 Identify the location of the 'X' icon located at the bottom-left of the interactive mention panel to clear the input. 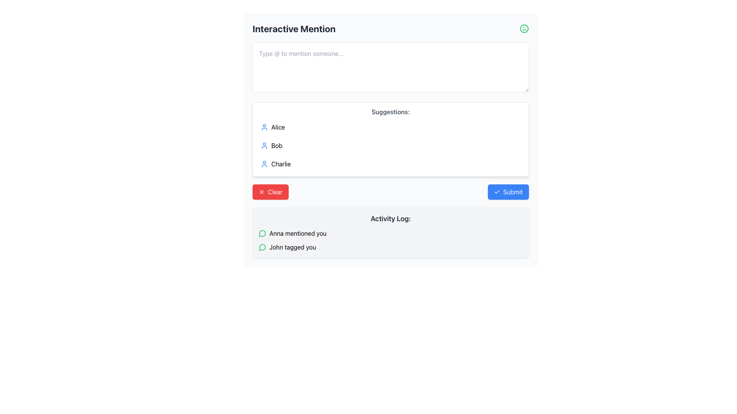
(261, 192).